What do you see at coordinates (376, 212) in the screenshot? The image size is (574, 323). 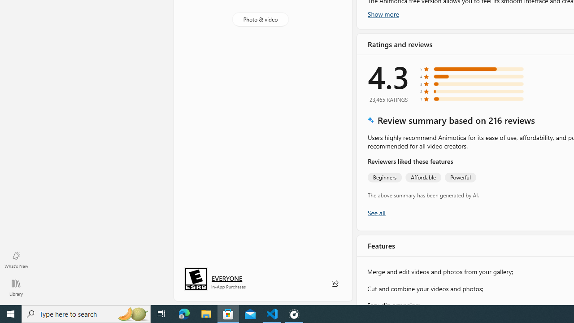 I see `'Show all ratings and reviews'` at bounding box center [376, 212].